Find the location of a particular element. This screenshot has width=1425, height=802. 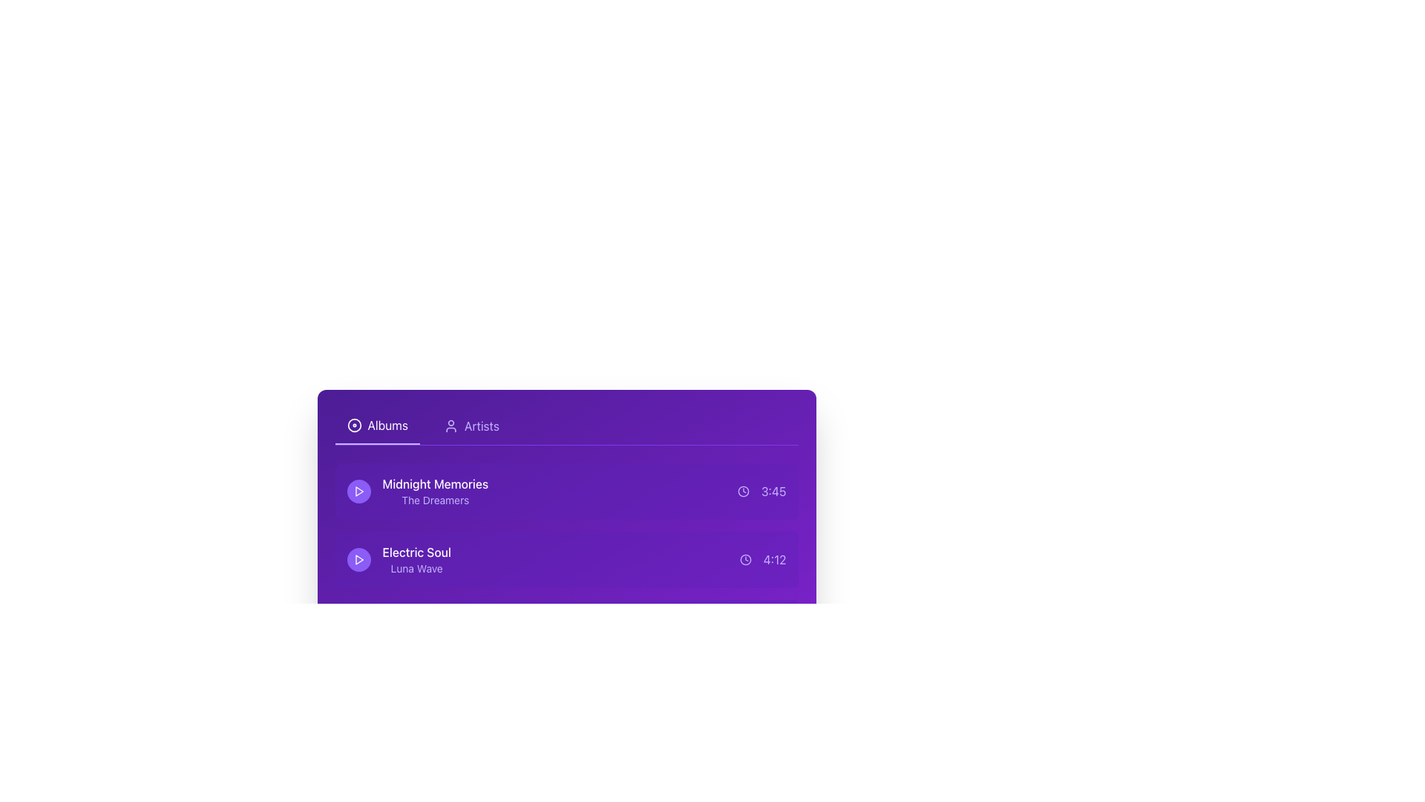

the 'Artists' button, which features a violet label and a user icon is located at coordinates (471, 426).